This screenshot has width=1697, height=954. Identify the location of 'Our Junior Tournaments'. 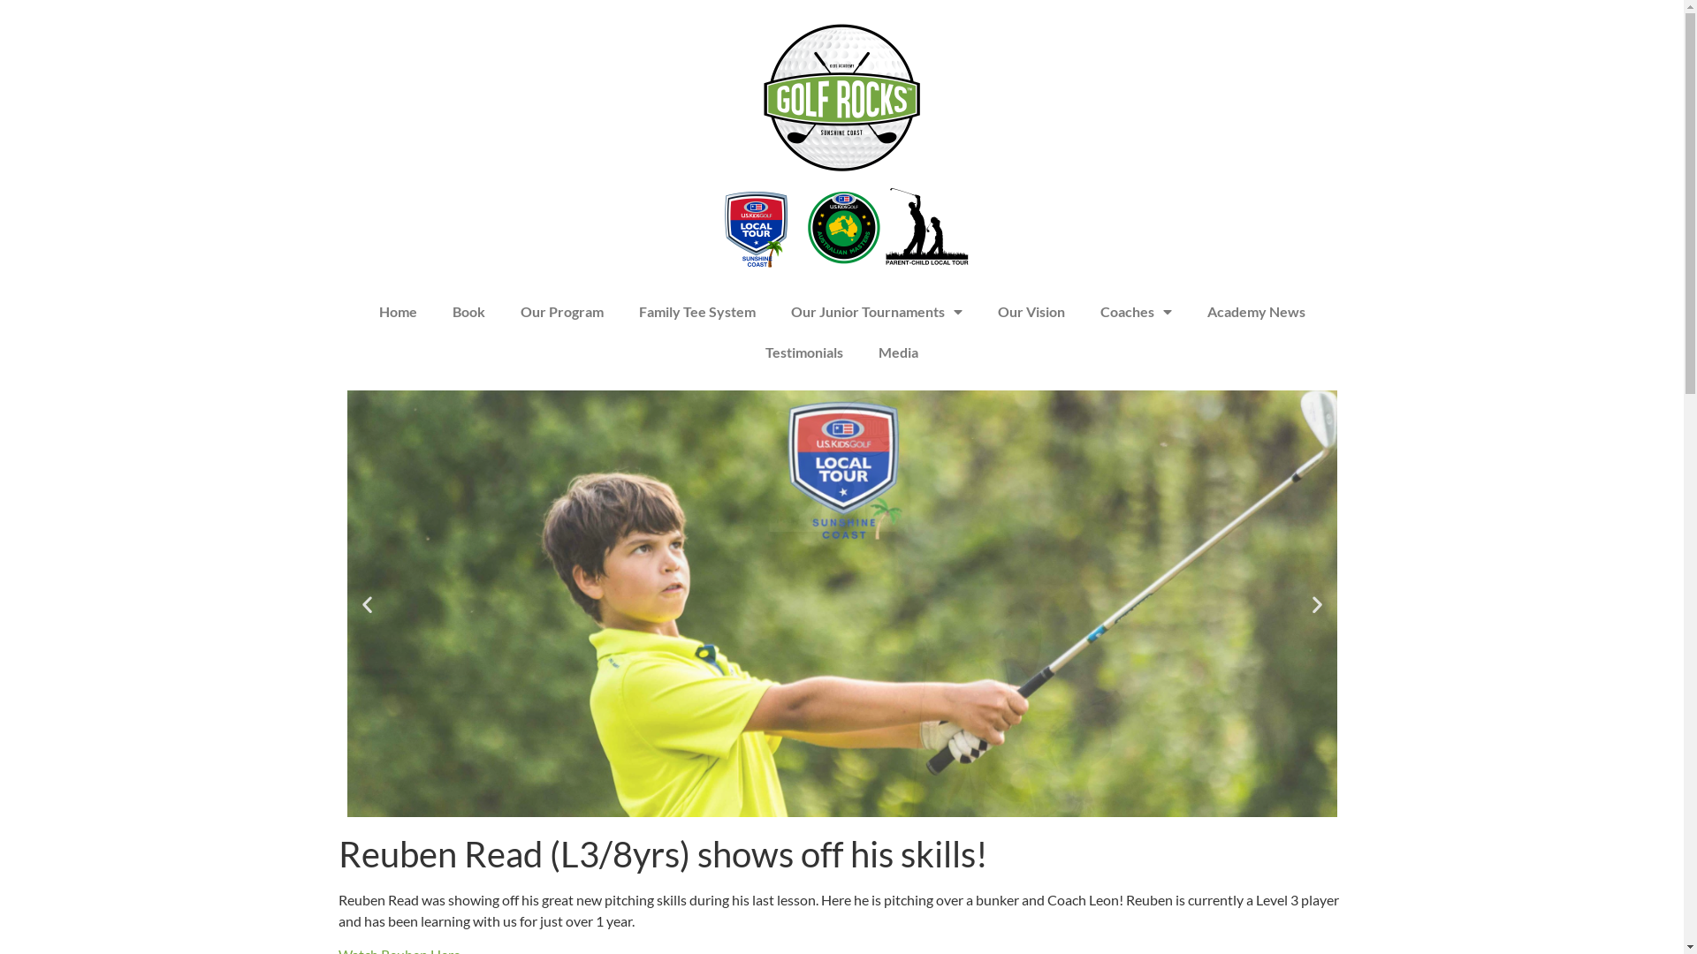
(875, 311).